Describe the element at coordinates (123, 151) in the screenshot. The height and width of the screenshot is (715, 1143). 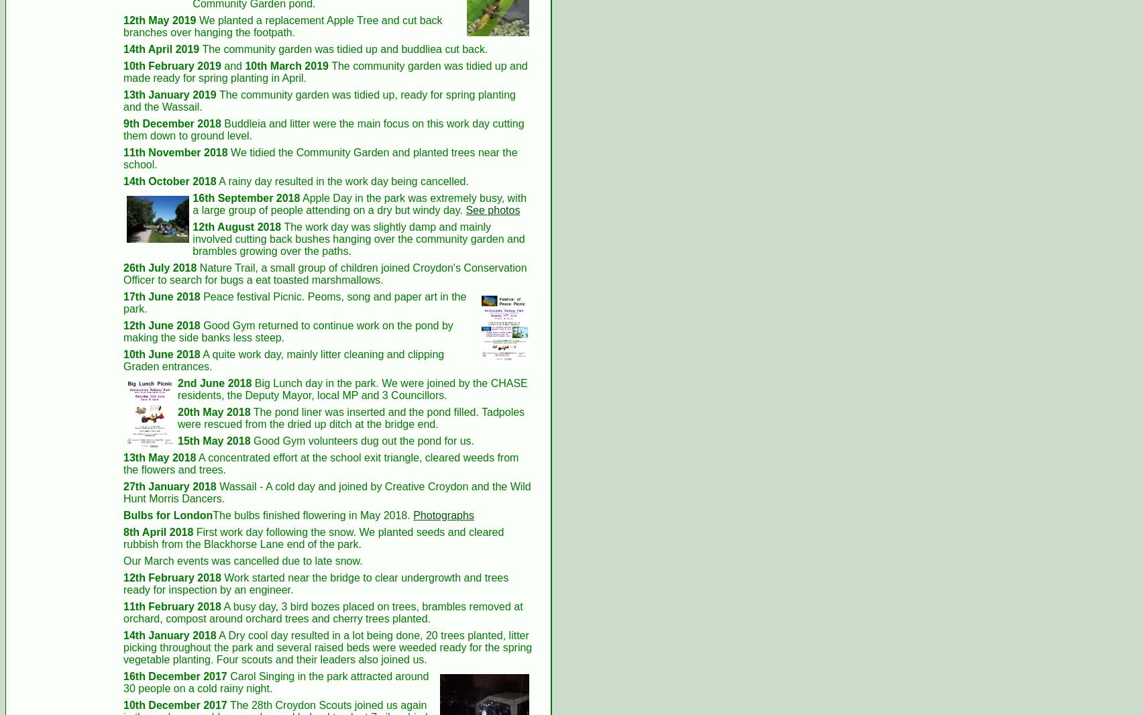
I see `'11th November 2018'` at that location.